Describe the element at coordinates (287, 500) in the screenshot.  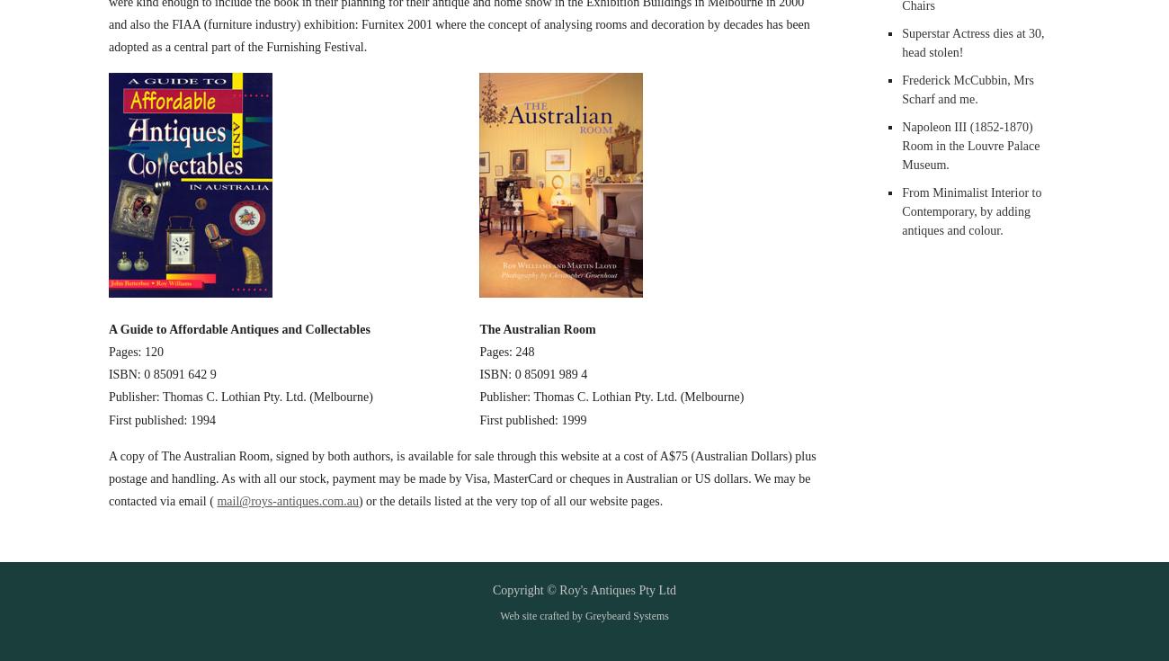
I see `'mail@roys-antiques.com.au'` at that location.